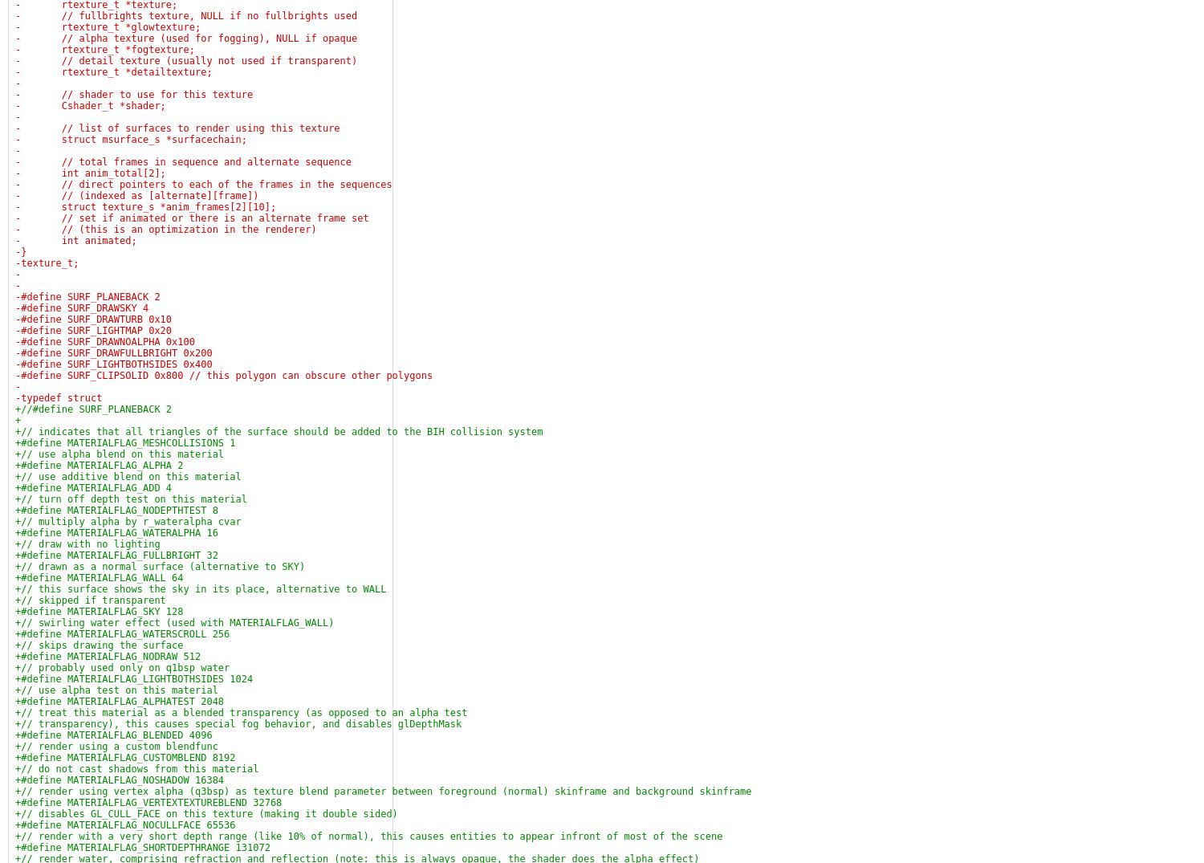 The height and width of the screenshot is (863, 1204). I want to click on '+#define MATERIALFLAG_ADD 4', so click(92, 487).